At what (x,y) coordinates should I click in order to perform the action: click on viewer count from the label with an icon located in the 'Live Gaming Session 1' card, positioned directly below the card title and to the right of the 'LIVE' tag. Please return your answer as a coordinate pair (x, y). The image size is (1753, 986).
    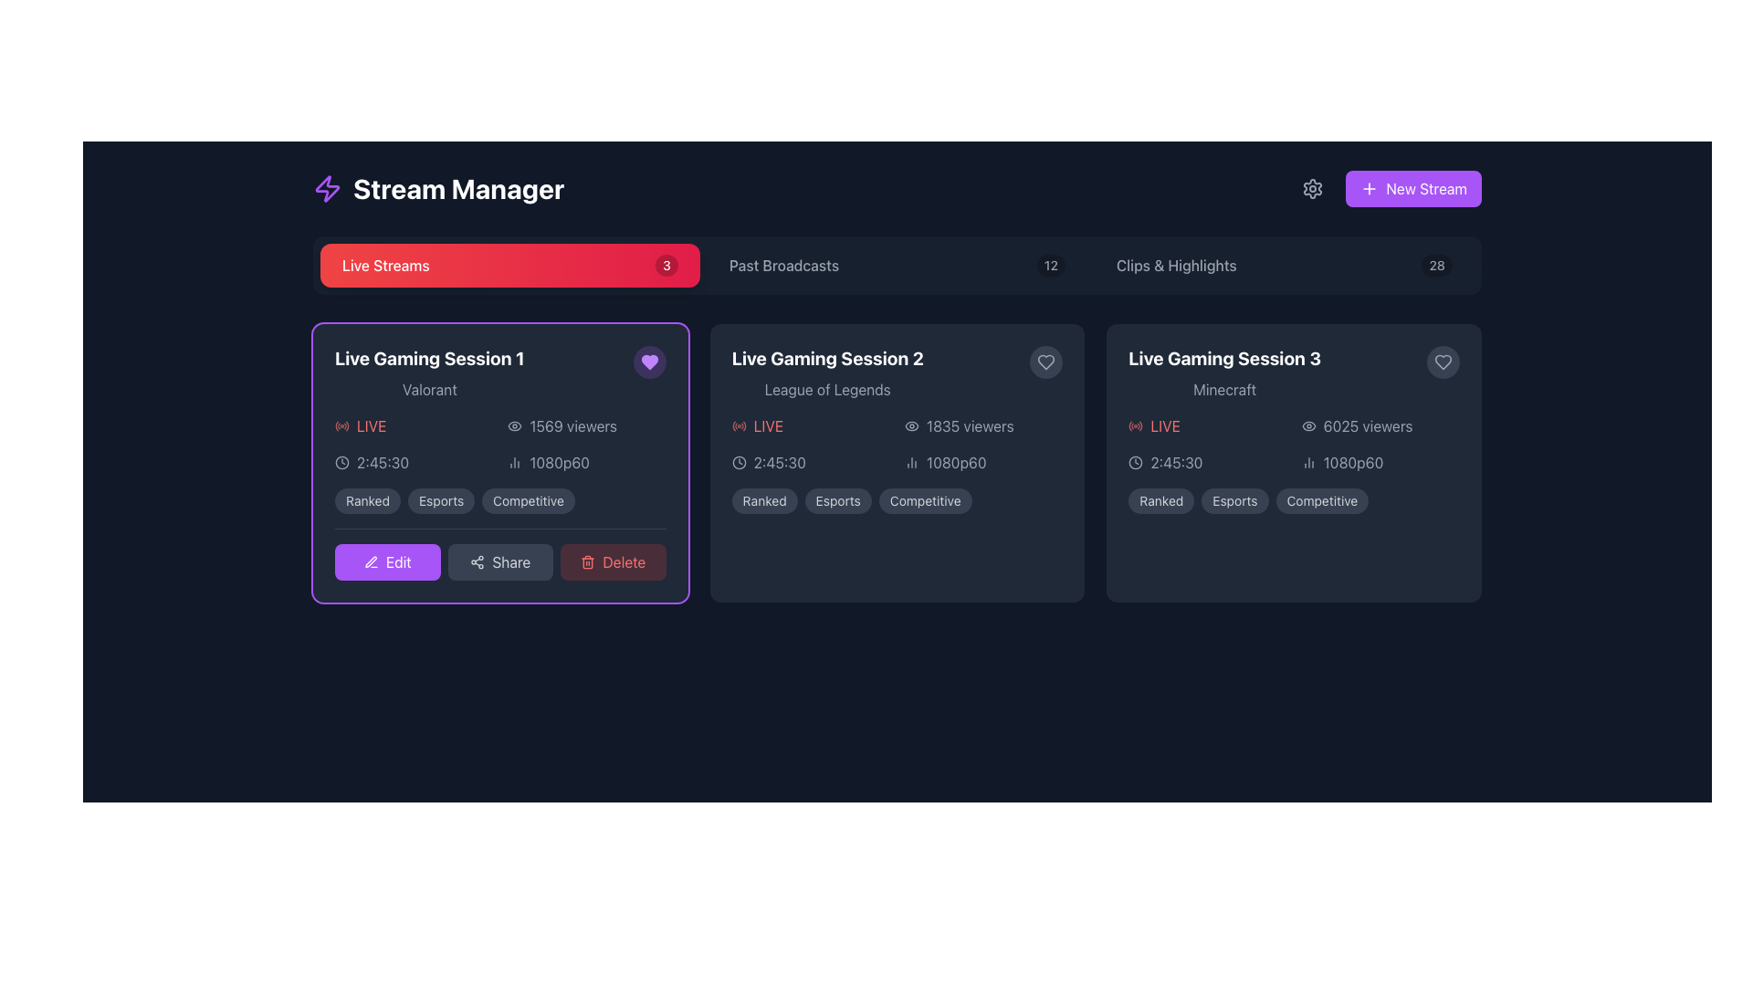
    Looking at the image, I should click on (587, 425).